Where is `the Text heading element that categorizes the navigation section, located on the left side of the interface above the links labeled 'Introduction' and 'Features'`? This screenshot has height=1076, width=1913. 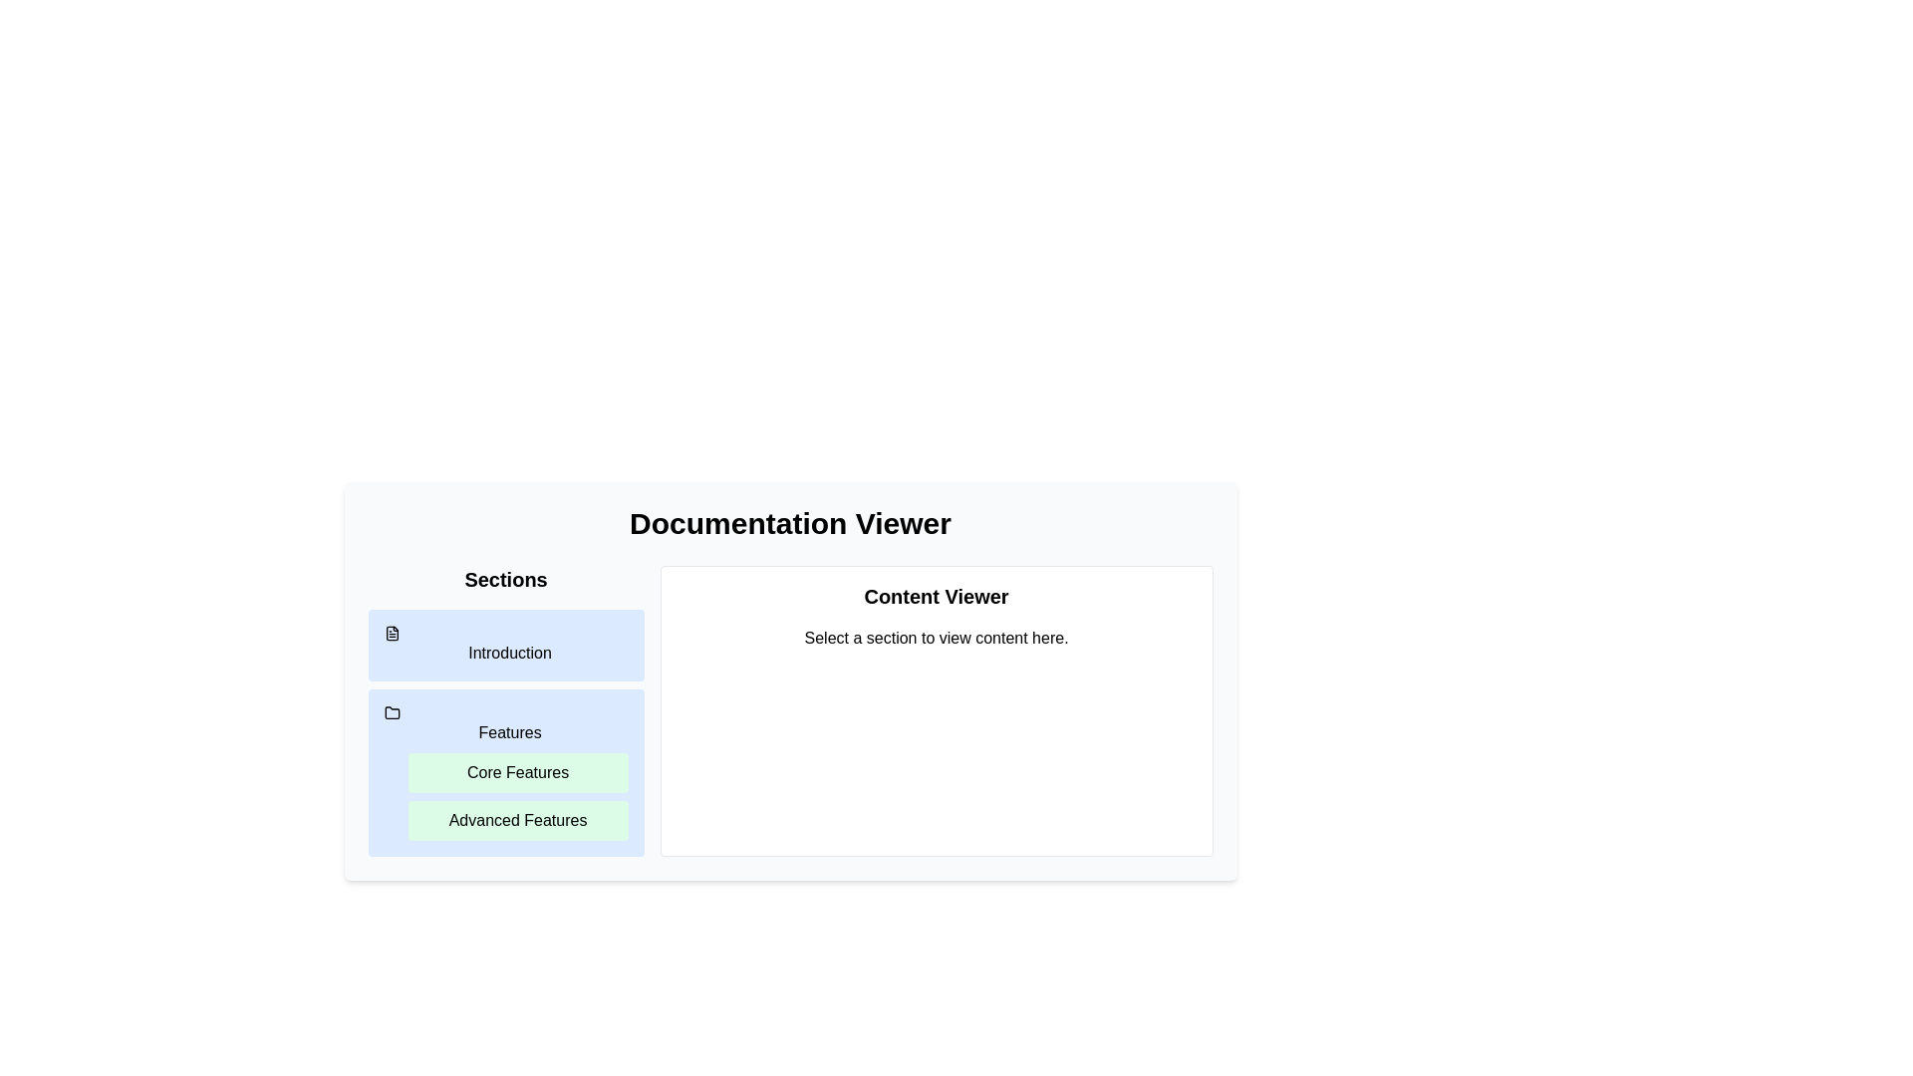
the Text heading element that categorizes the navigation section, located on the left side of the interface above the links labeled 'Introduction' and 'Features' is located at coordinates (506, 580).